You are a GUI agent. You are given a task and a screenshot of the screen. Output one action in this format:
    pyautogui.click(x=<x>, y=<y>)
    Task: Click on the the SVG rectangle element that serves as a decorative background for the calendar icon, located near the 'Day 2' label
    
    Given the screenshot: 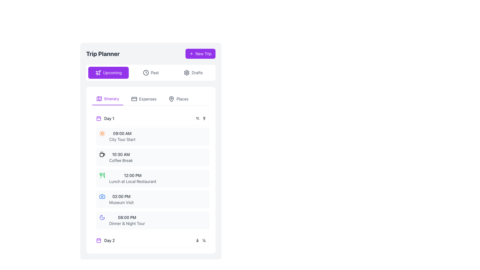 What is the action you would take?
    pyautogui.click(x=98, y=240)
    